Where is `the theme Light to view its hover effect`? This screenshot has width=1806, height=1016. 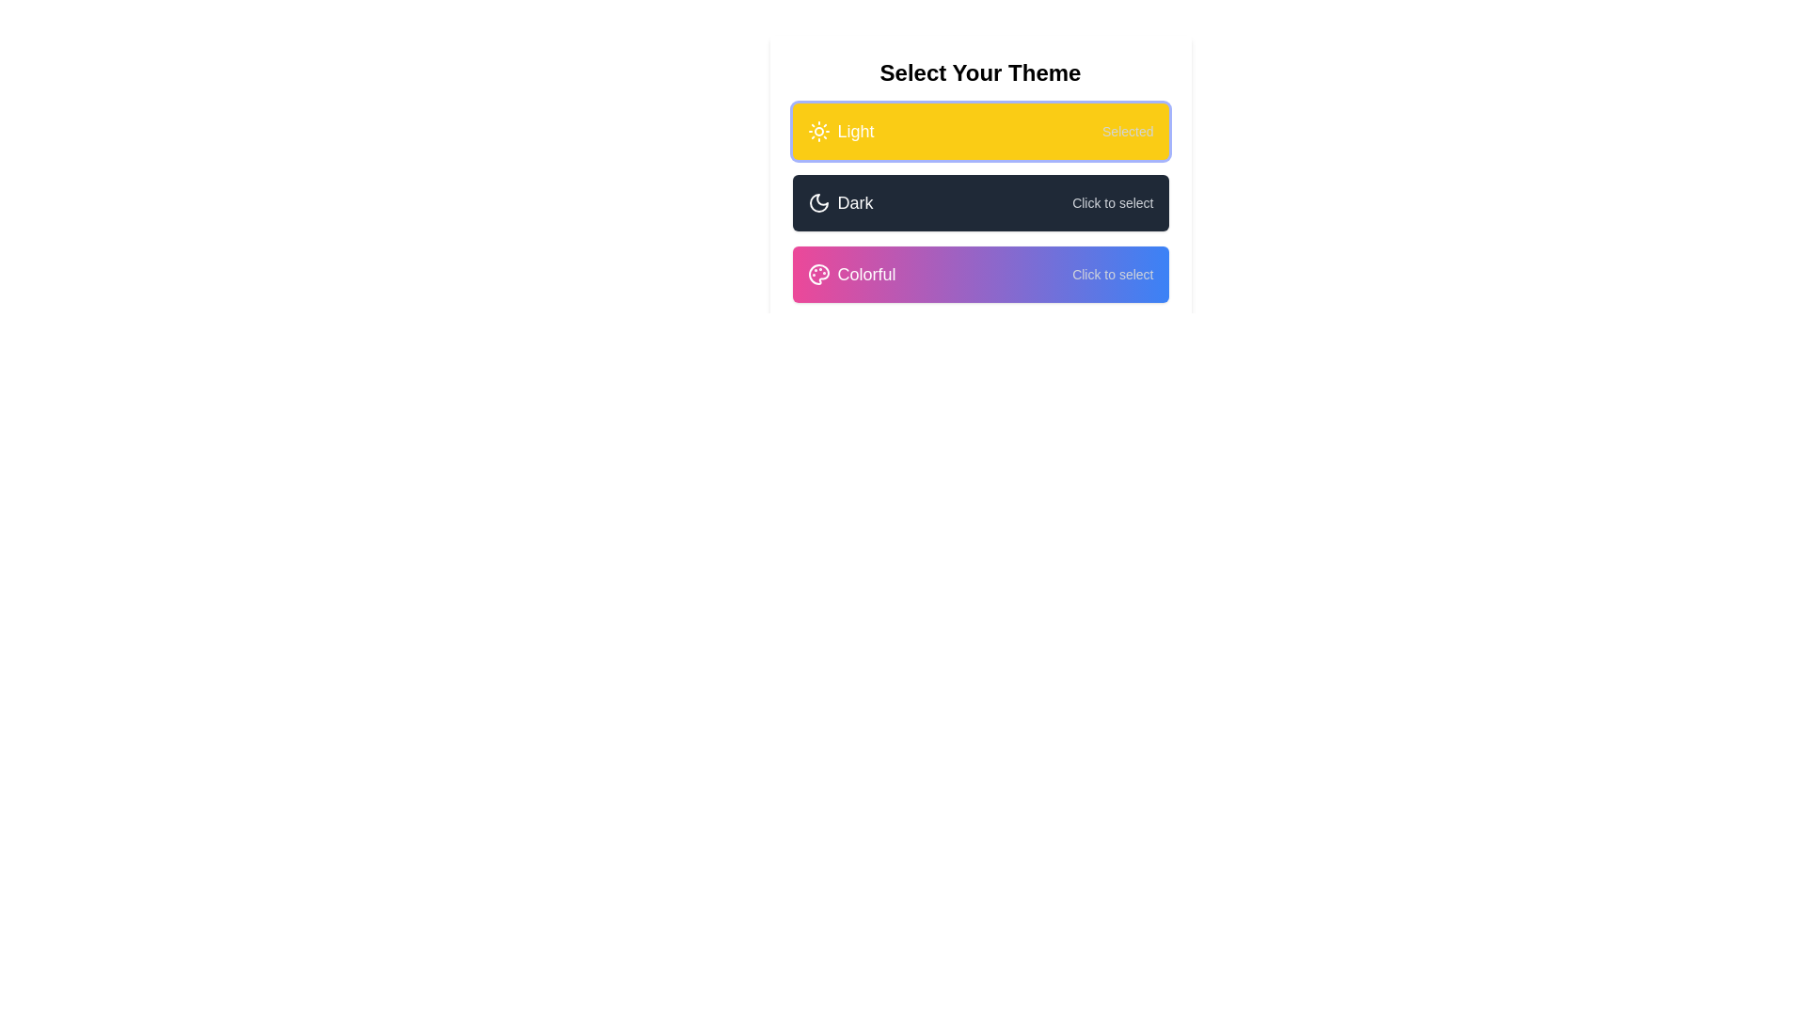
the theme Light to view its hover effect is located at coordinates (979, 130).